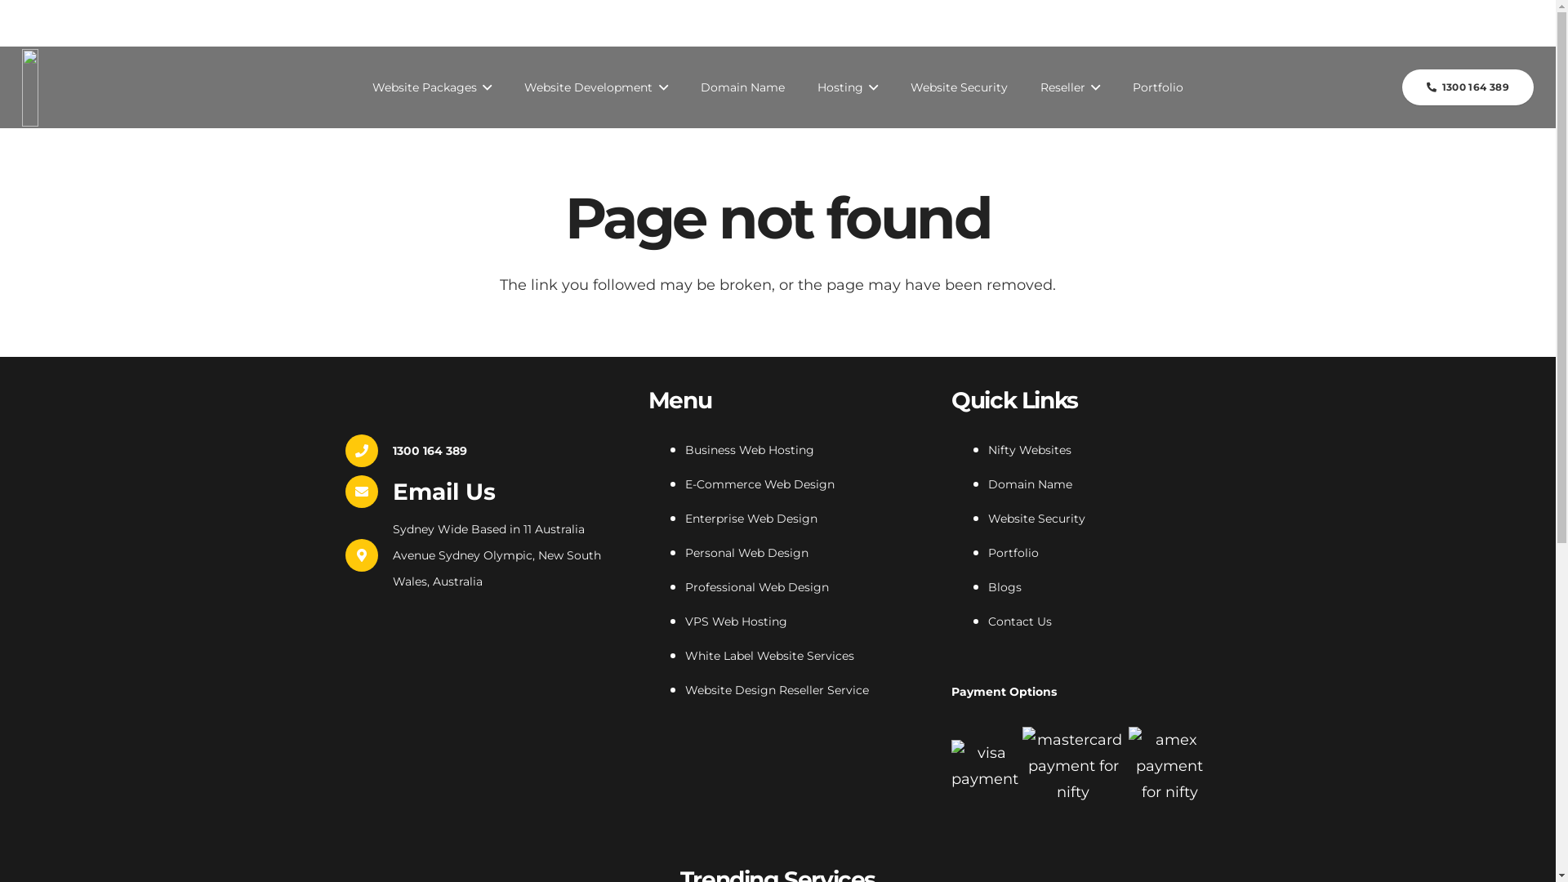  What do you see at coordinates (443, 490) in the screenshot?
I see `'Email Us'` at bounding box center [443, 490].